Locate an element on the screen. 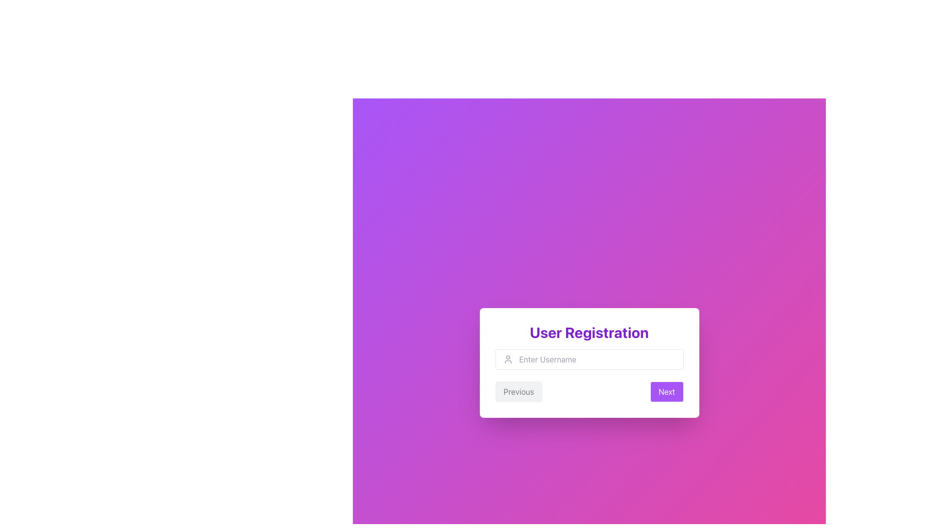  the user icon, which is a grayish SVG graphic with a circular head and curved body, located to the left inside the 'username' text input field is located at coordinates (508, 359).